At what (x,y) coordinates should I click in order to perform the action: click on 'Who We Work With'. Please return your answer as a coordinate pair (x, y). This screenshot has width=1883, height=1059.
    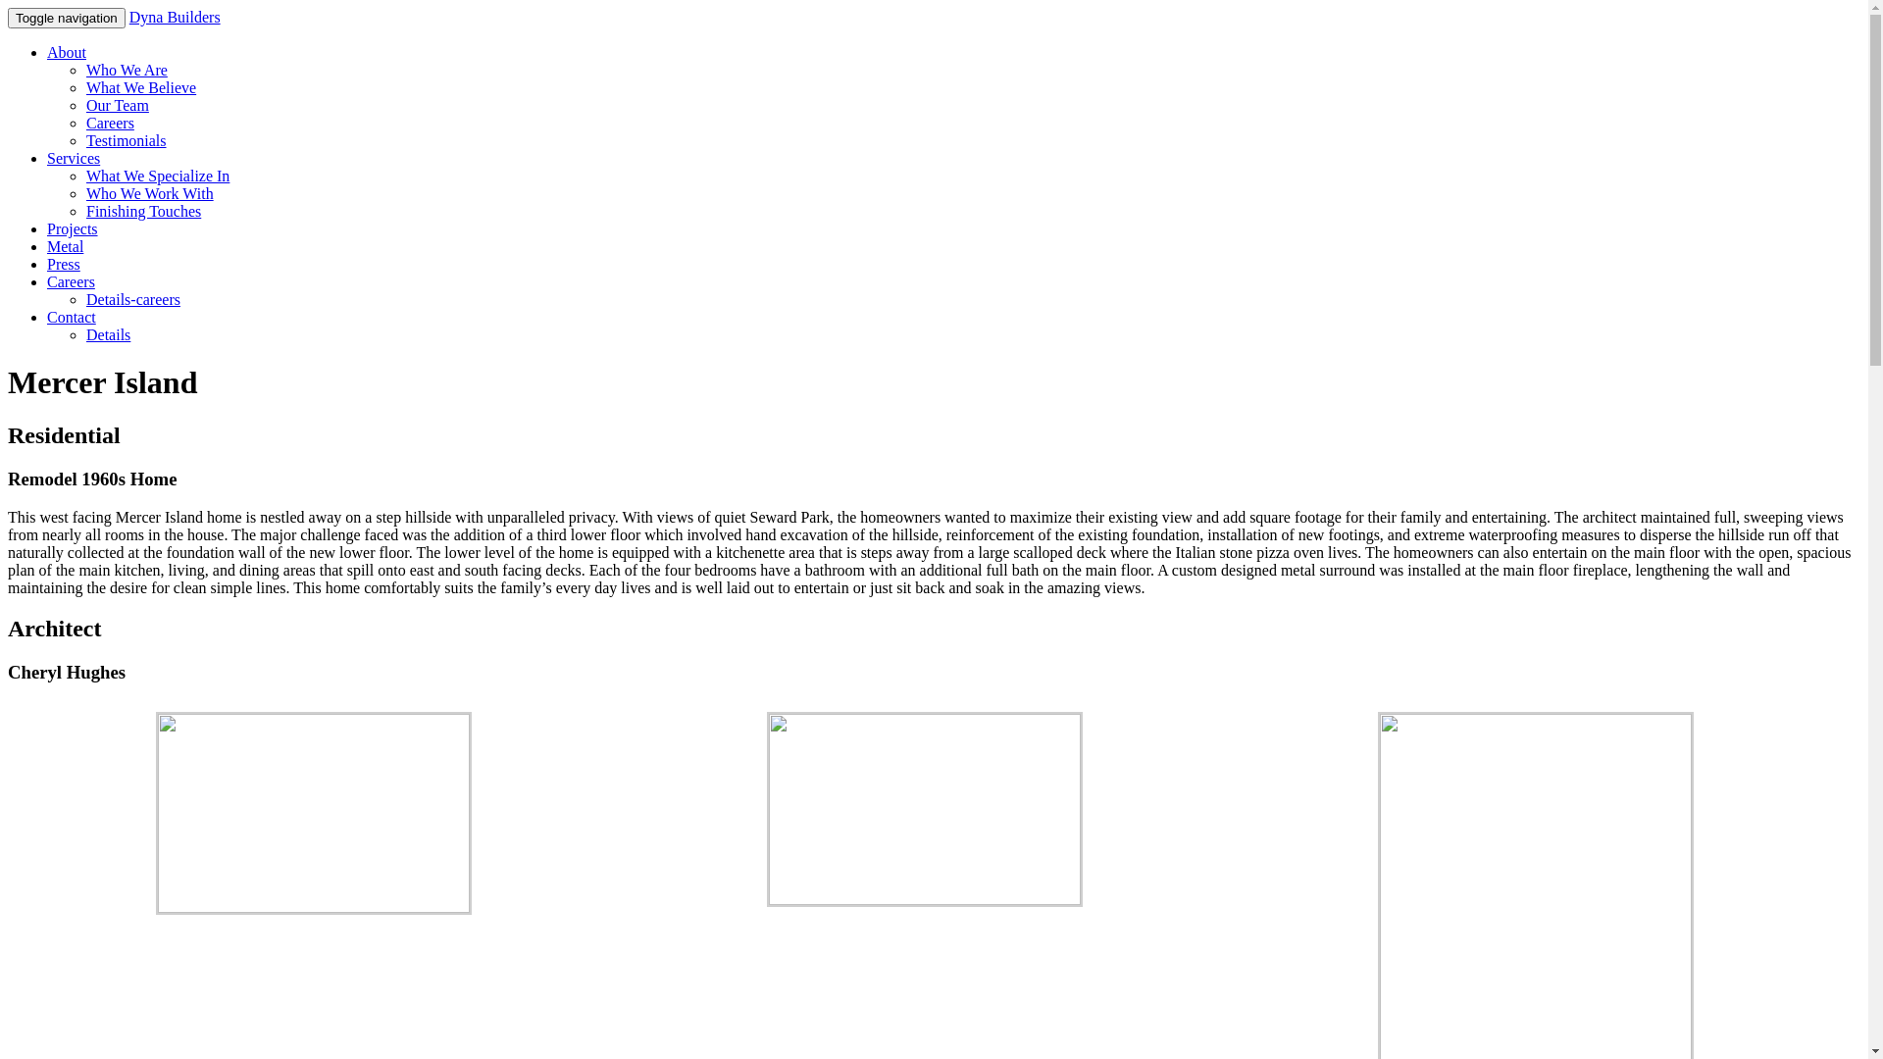
    Looking at the image, I should click on (149, 193).